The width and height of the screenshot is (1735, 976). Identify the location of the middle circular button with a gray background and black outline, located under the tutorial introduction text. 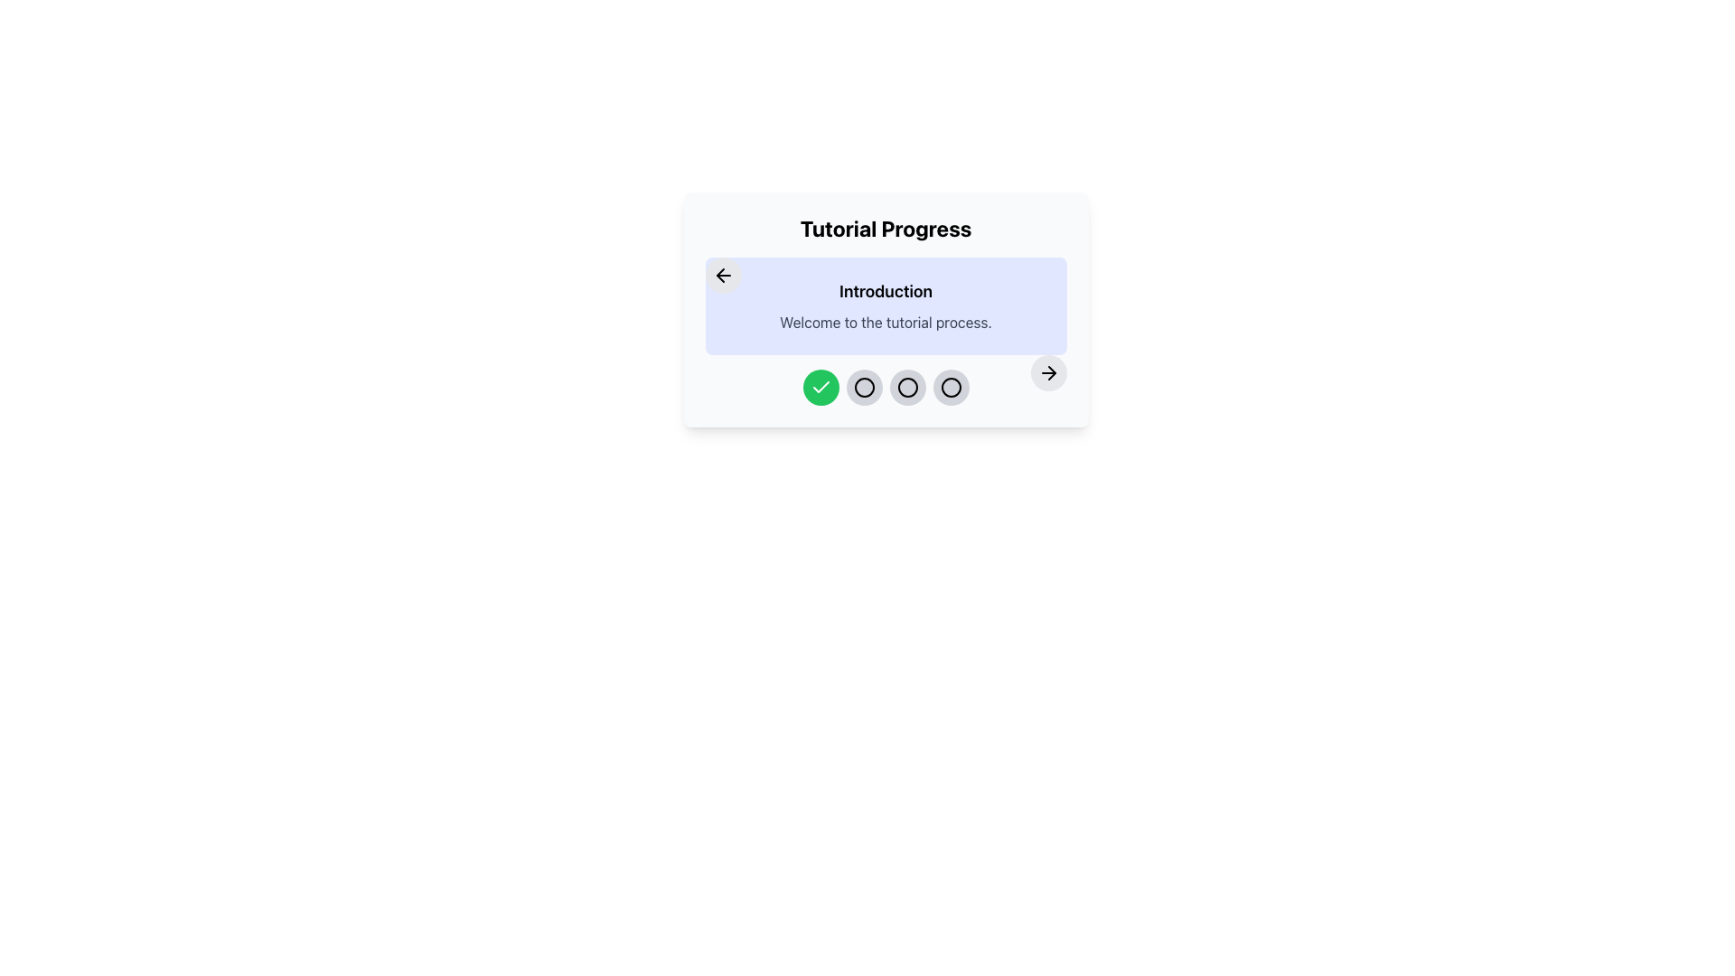
(863, 386).